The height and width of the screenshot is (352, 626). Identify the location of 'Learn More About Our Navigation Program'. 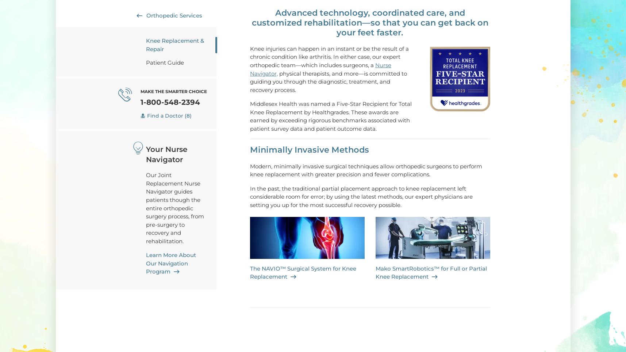
(170, 263).